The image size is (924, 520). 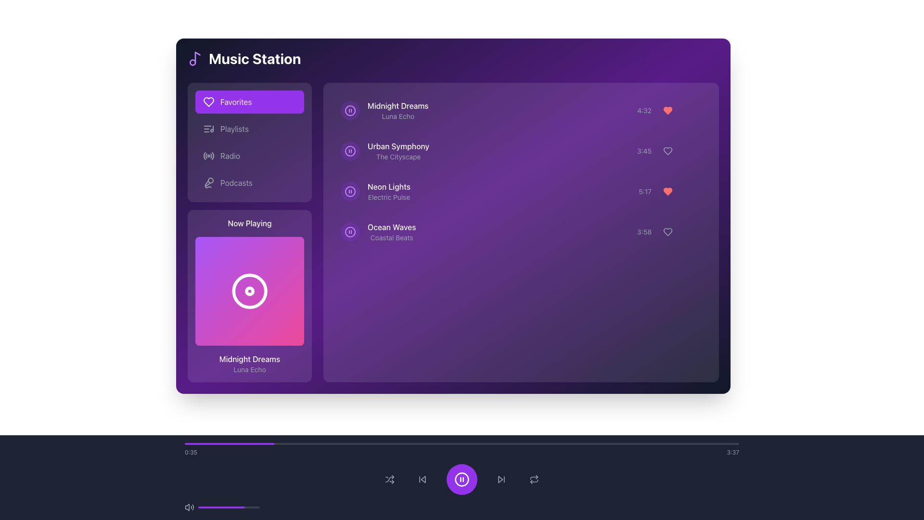 I want to click on the circular pause icon button with a purple outline located beneath the 'Now Playing' section, so click(x=350, y=232).